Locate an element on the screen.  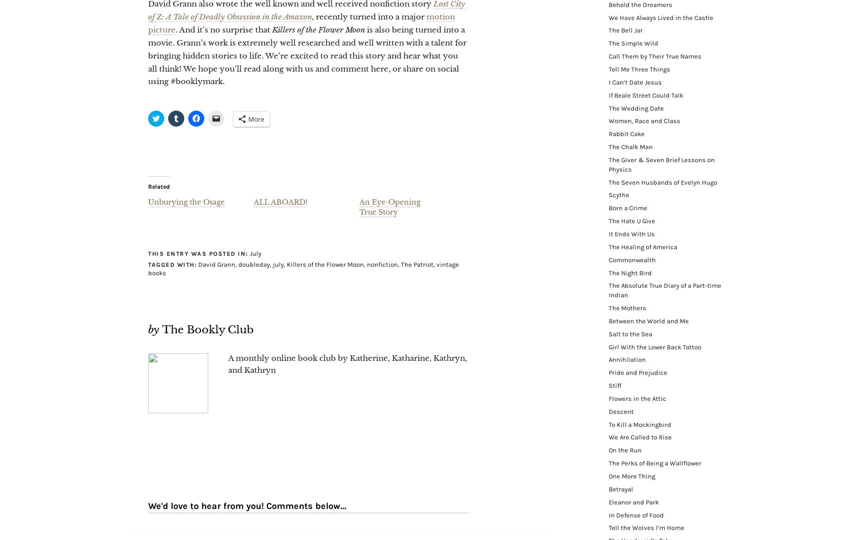
'Tagged with:' is located at coordinates (148, 264).